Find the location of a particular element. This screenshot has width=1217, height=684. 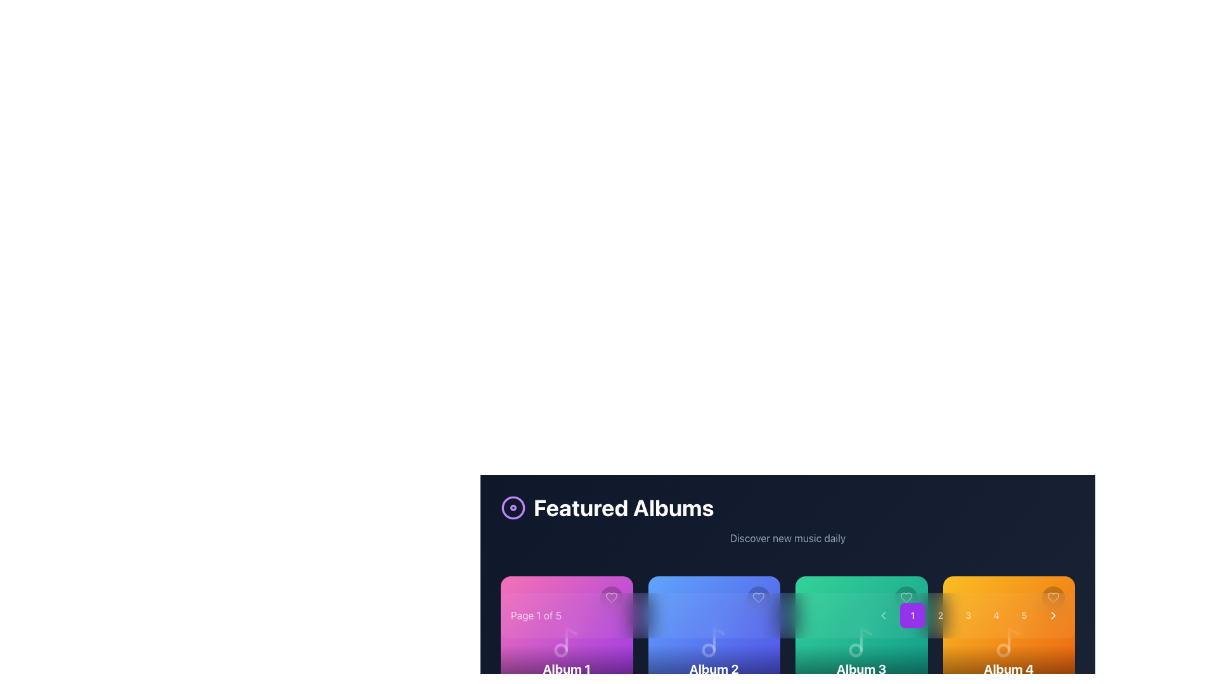

the small button with a right-pointing chevron on an orange background is located at coordinates (1053, 615).